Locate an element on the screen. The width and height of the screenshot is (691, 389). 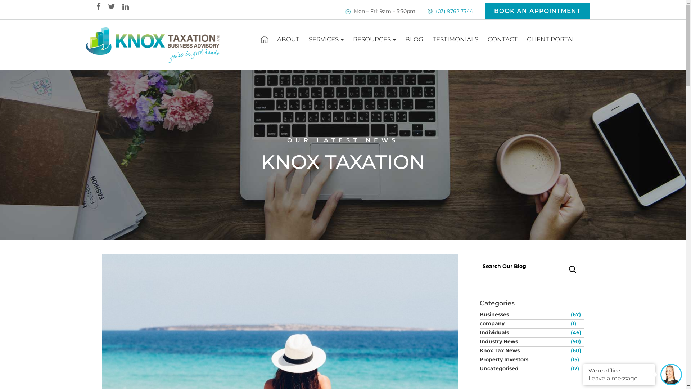
'Knox Tax News' is located at coordinates (524, 350).